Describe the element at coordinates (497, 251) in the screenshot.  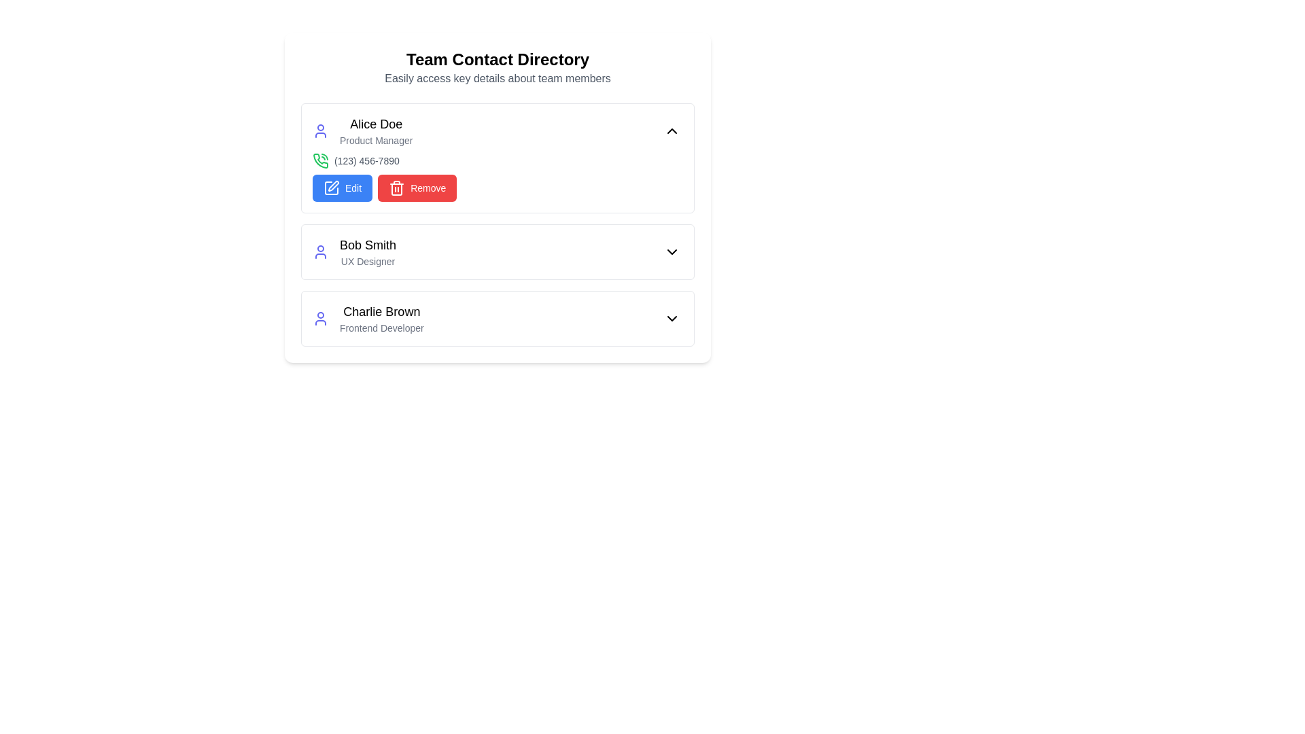
I see `the Profile card for Bob Smith, which is the second card in a vertically stacked list of user profile cards` at that location.